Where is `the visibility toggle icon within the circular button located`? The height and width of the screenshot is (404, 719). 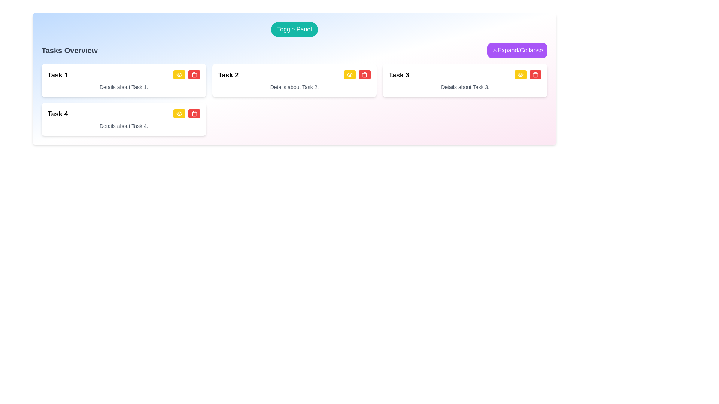
the visibility toggle icon within the circular button located is located at coordinates (179, 113).